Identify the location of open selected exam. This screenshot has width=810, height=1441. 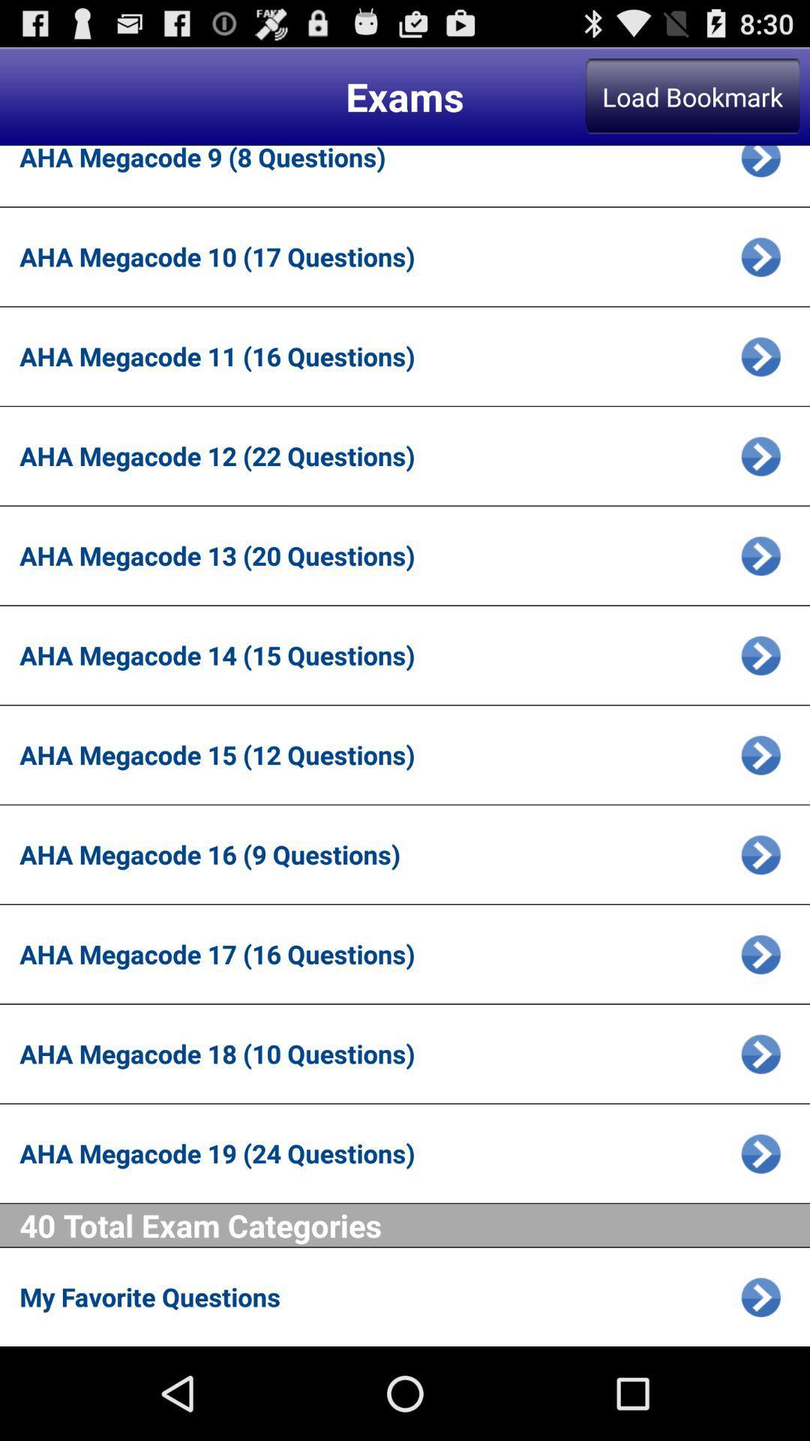
(760, 455).